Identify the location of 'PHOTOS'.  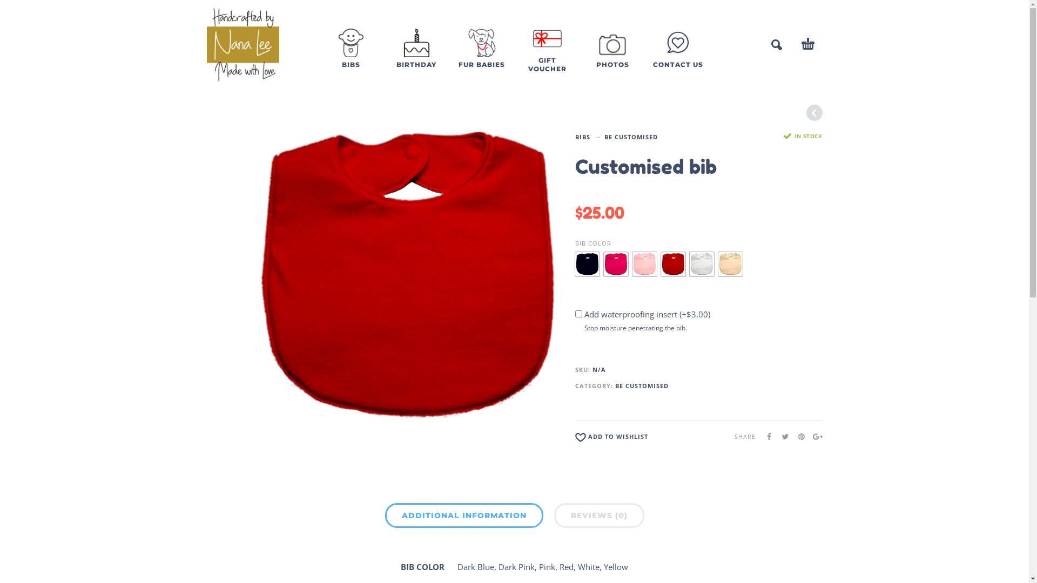
(612, 57).